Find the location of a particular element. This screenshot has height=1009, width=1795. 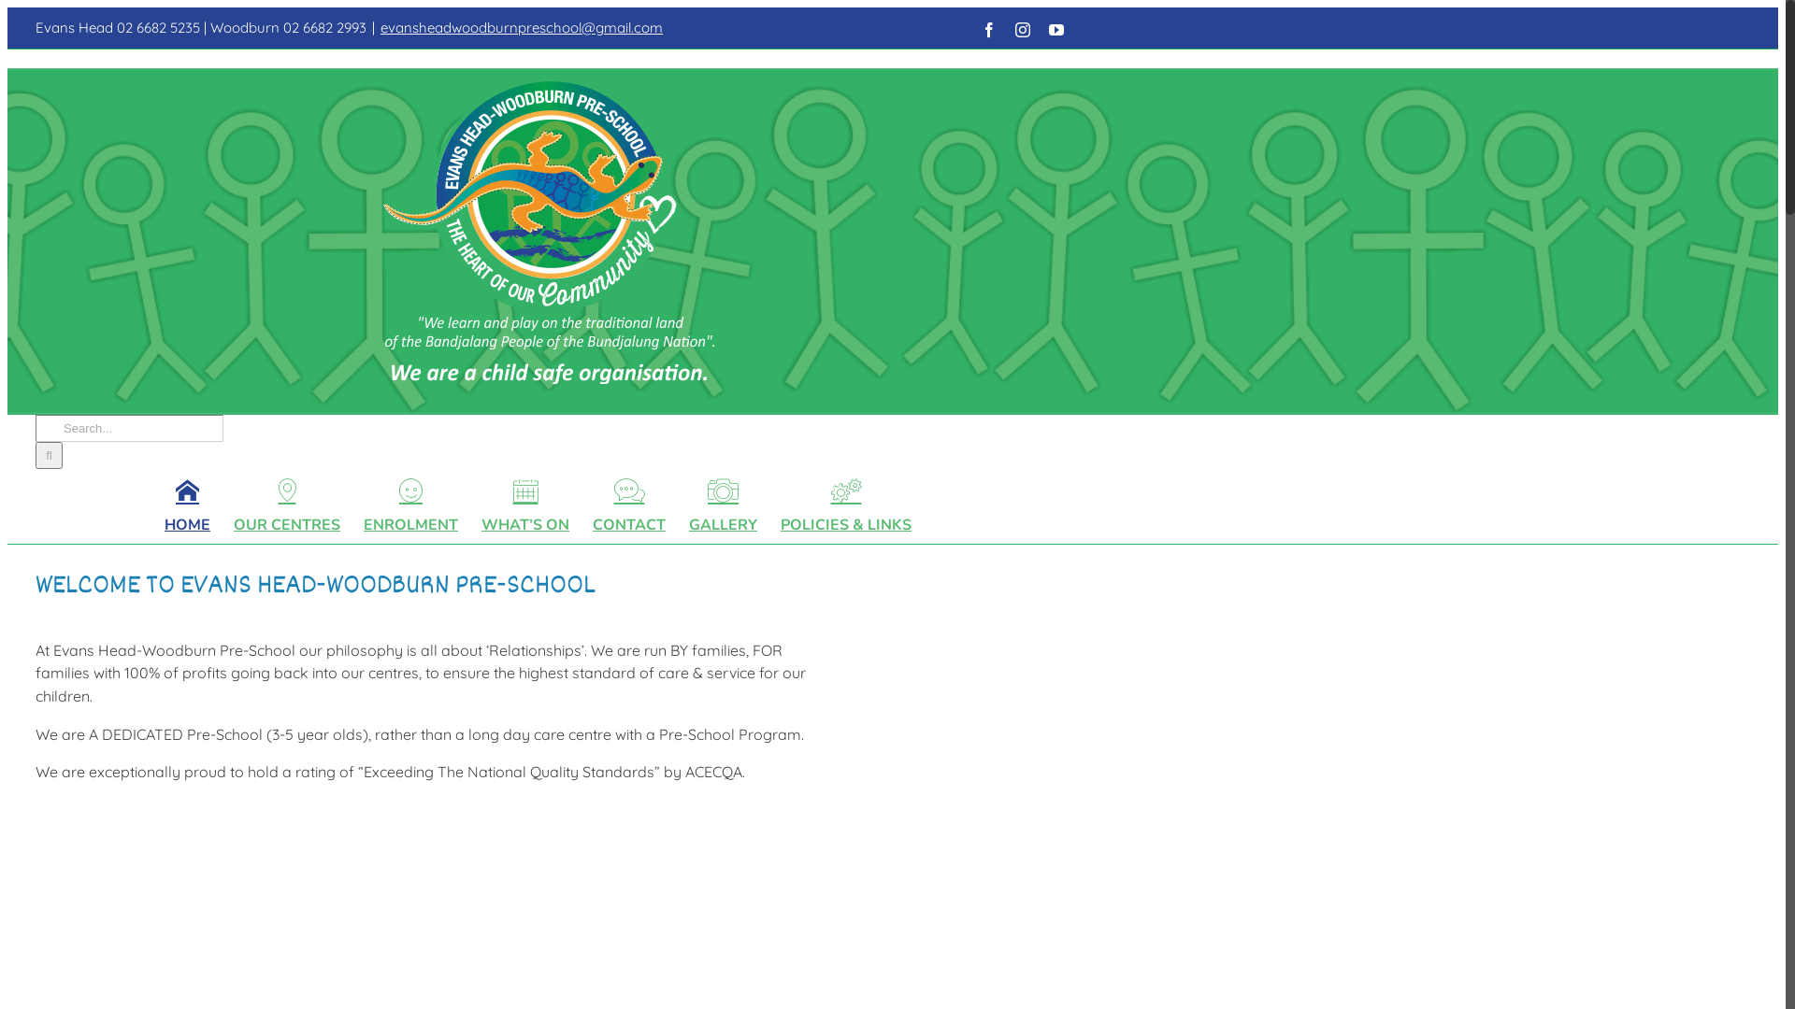

'OUR CENTRES' is located at coordinates (286, 506).